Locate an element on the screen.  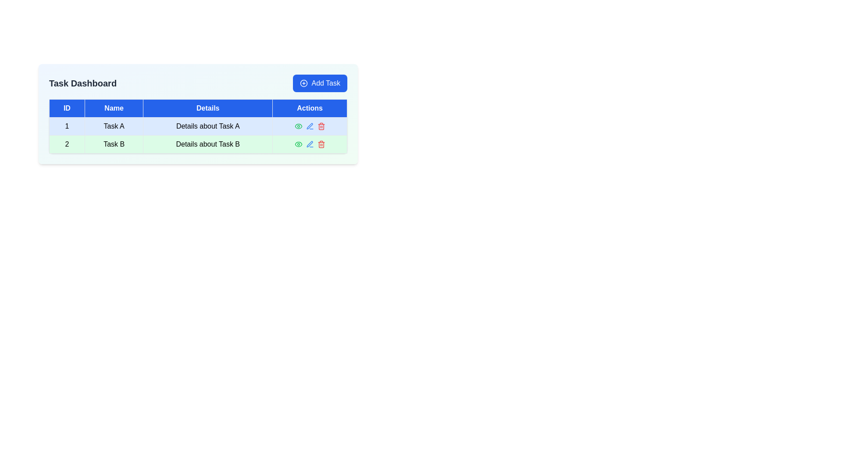
the table cell containing the title 'Task A', which is located in the second cell of the first row of the table, directly following the 'ID' column is located at coordinates (114, 126).